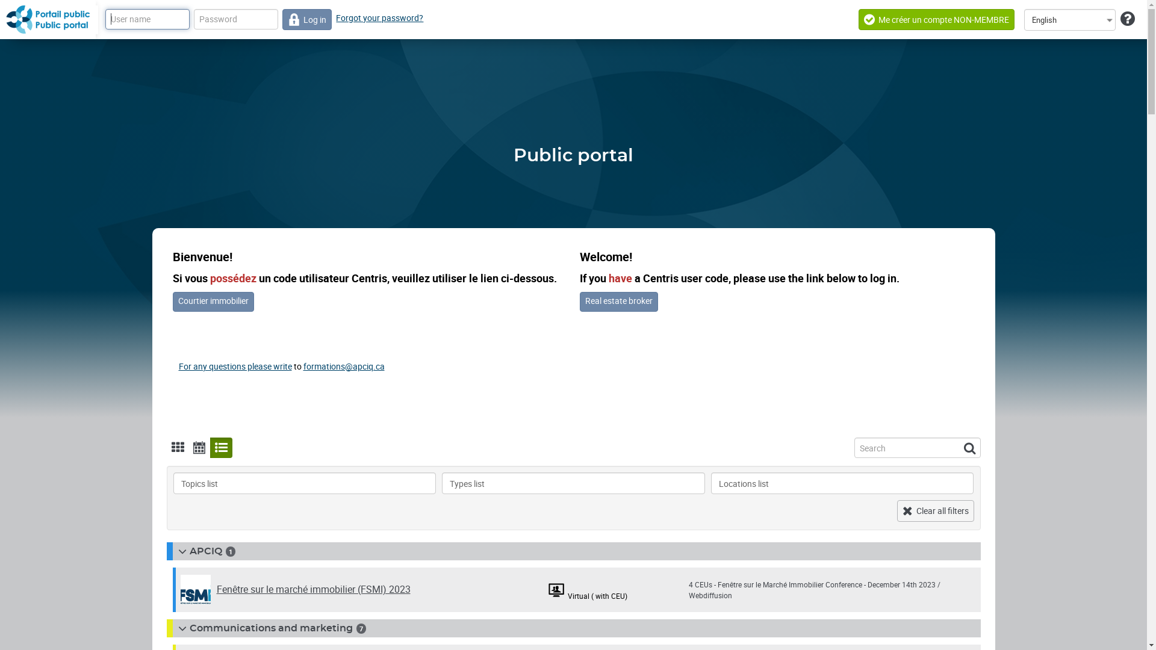  What do you see at coordinates (307, 19) in the screenshot?
I see `'Log in'` at bounding box center [307, 19].